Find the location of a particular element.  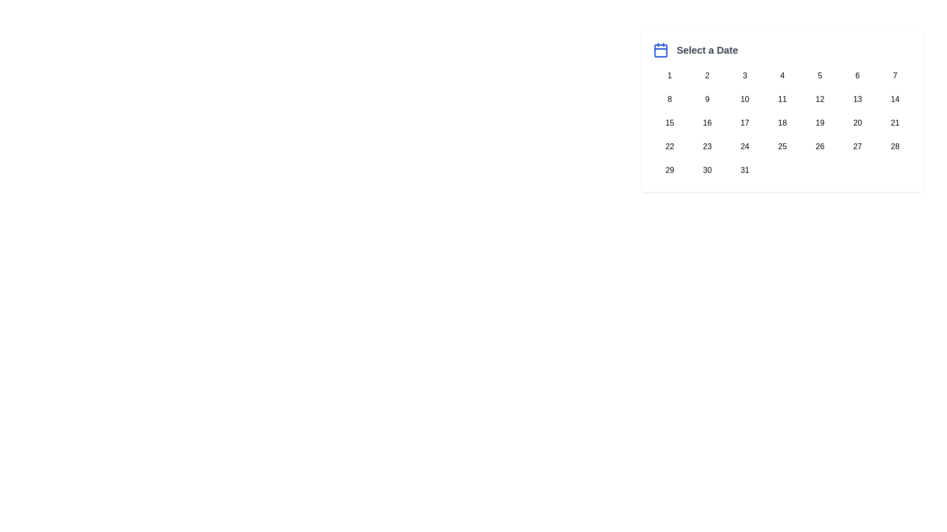

the button representing the selectable date in the calendar UI is located at coordinates (670, 170).